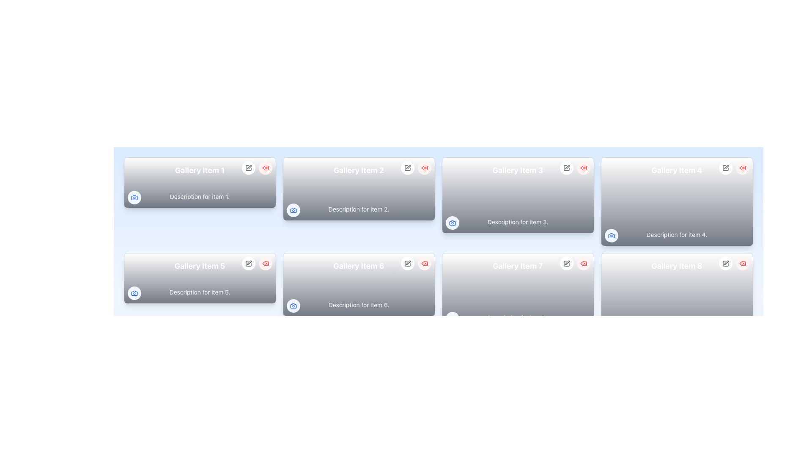 The width and height of the screenshot is (812, 457). Describe the element at coordinates (725, 168) in the screenshot. I see `the pen icon button located at the upper-right corner of the 'Gallery Item 4' card to initiate editing of the gallery item` at that location.